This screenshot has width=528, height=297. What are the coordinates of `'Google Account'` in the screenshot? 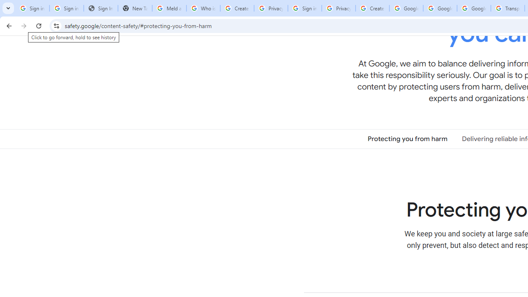 It's located at (474, 8).